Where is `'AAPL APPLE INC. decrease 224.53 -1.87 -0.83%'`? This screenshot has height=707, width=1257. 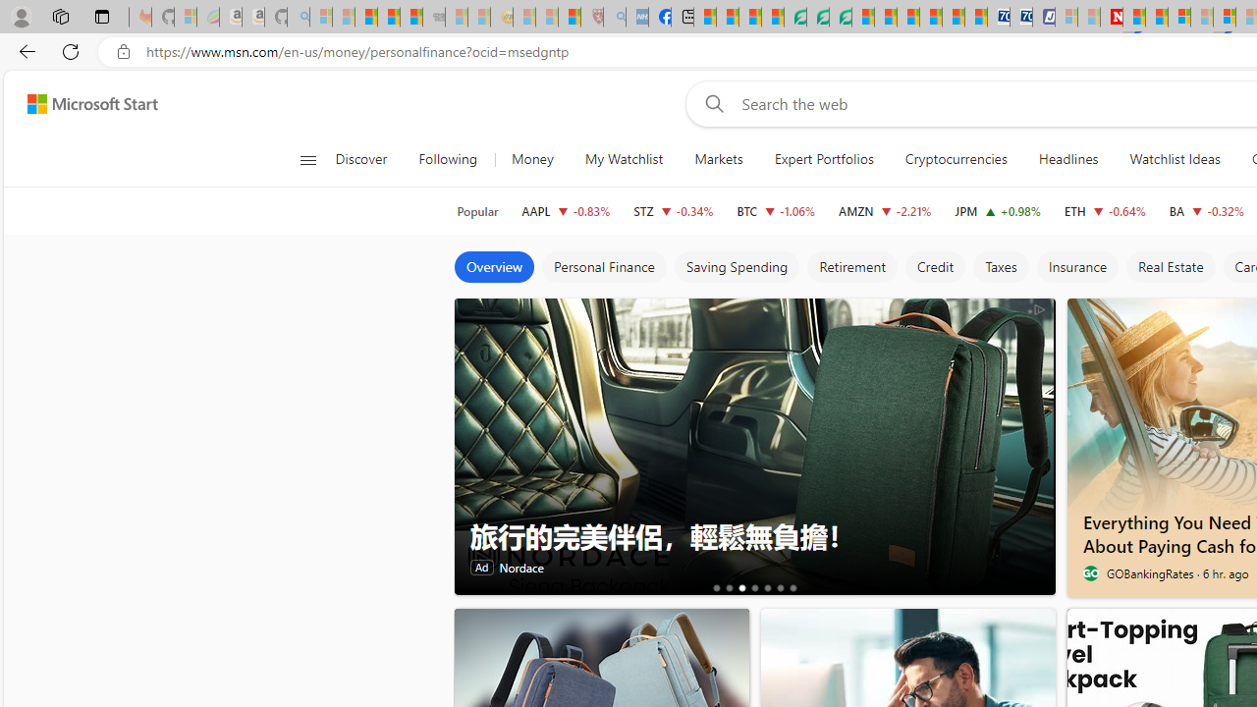 'AAPL APPLE INC. decrease 224.53 -1.87 -0.83%' is located at coordinates (565, 210).